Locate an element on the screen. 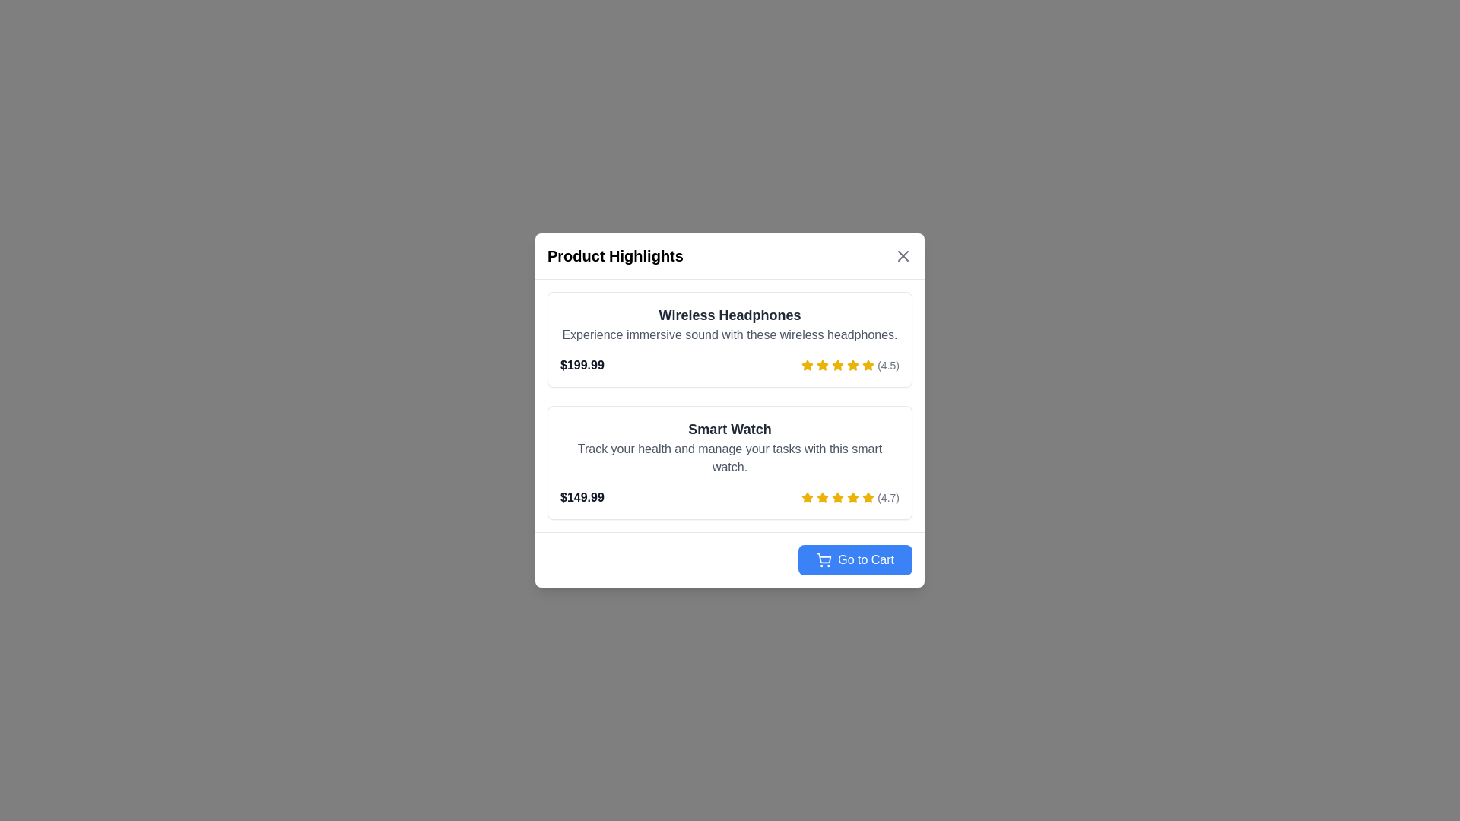  the first star icon in the rating system, which is styled with a golden yellow fill and located in the second row of the product highlights section is located at coordinates (837, 365).